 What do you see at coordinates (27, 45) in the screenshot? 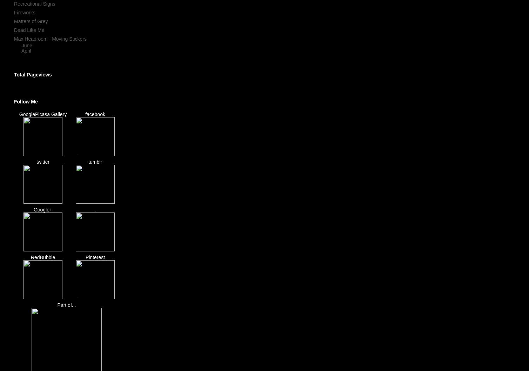
I see `'June'` at bounding box center [27, 45].